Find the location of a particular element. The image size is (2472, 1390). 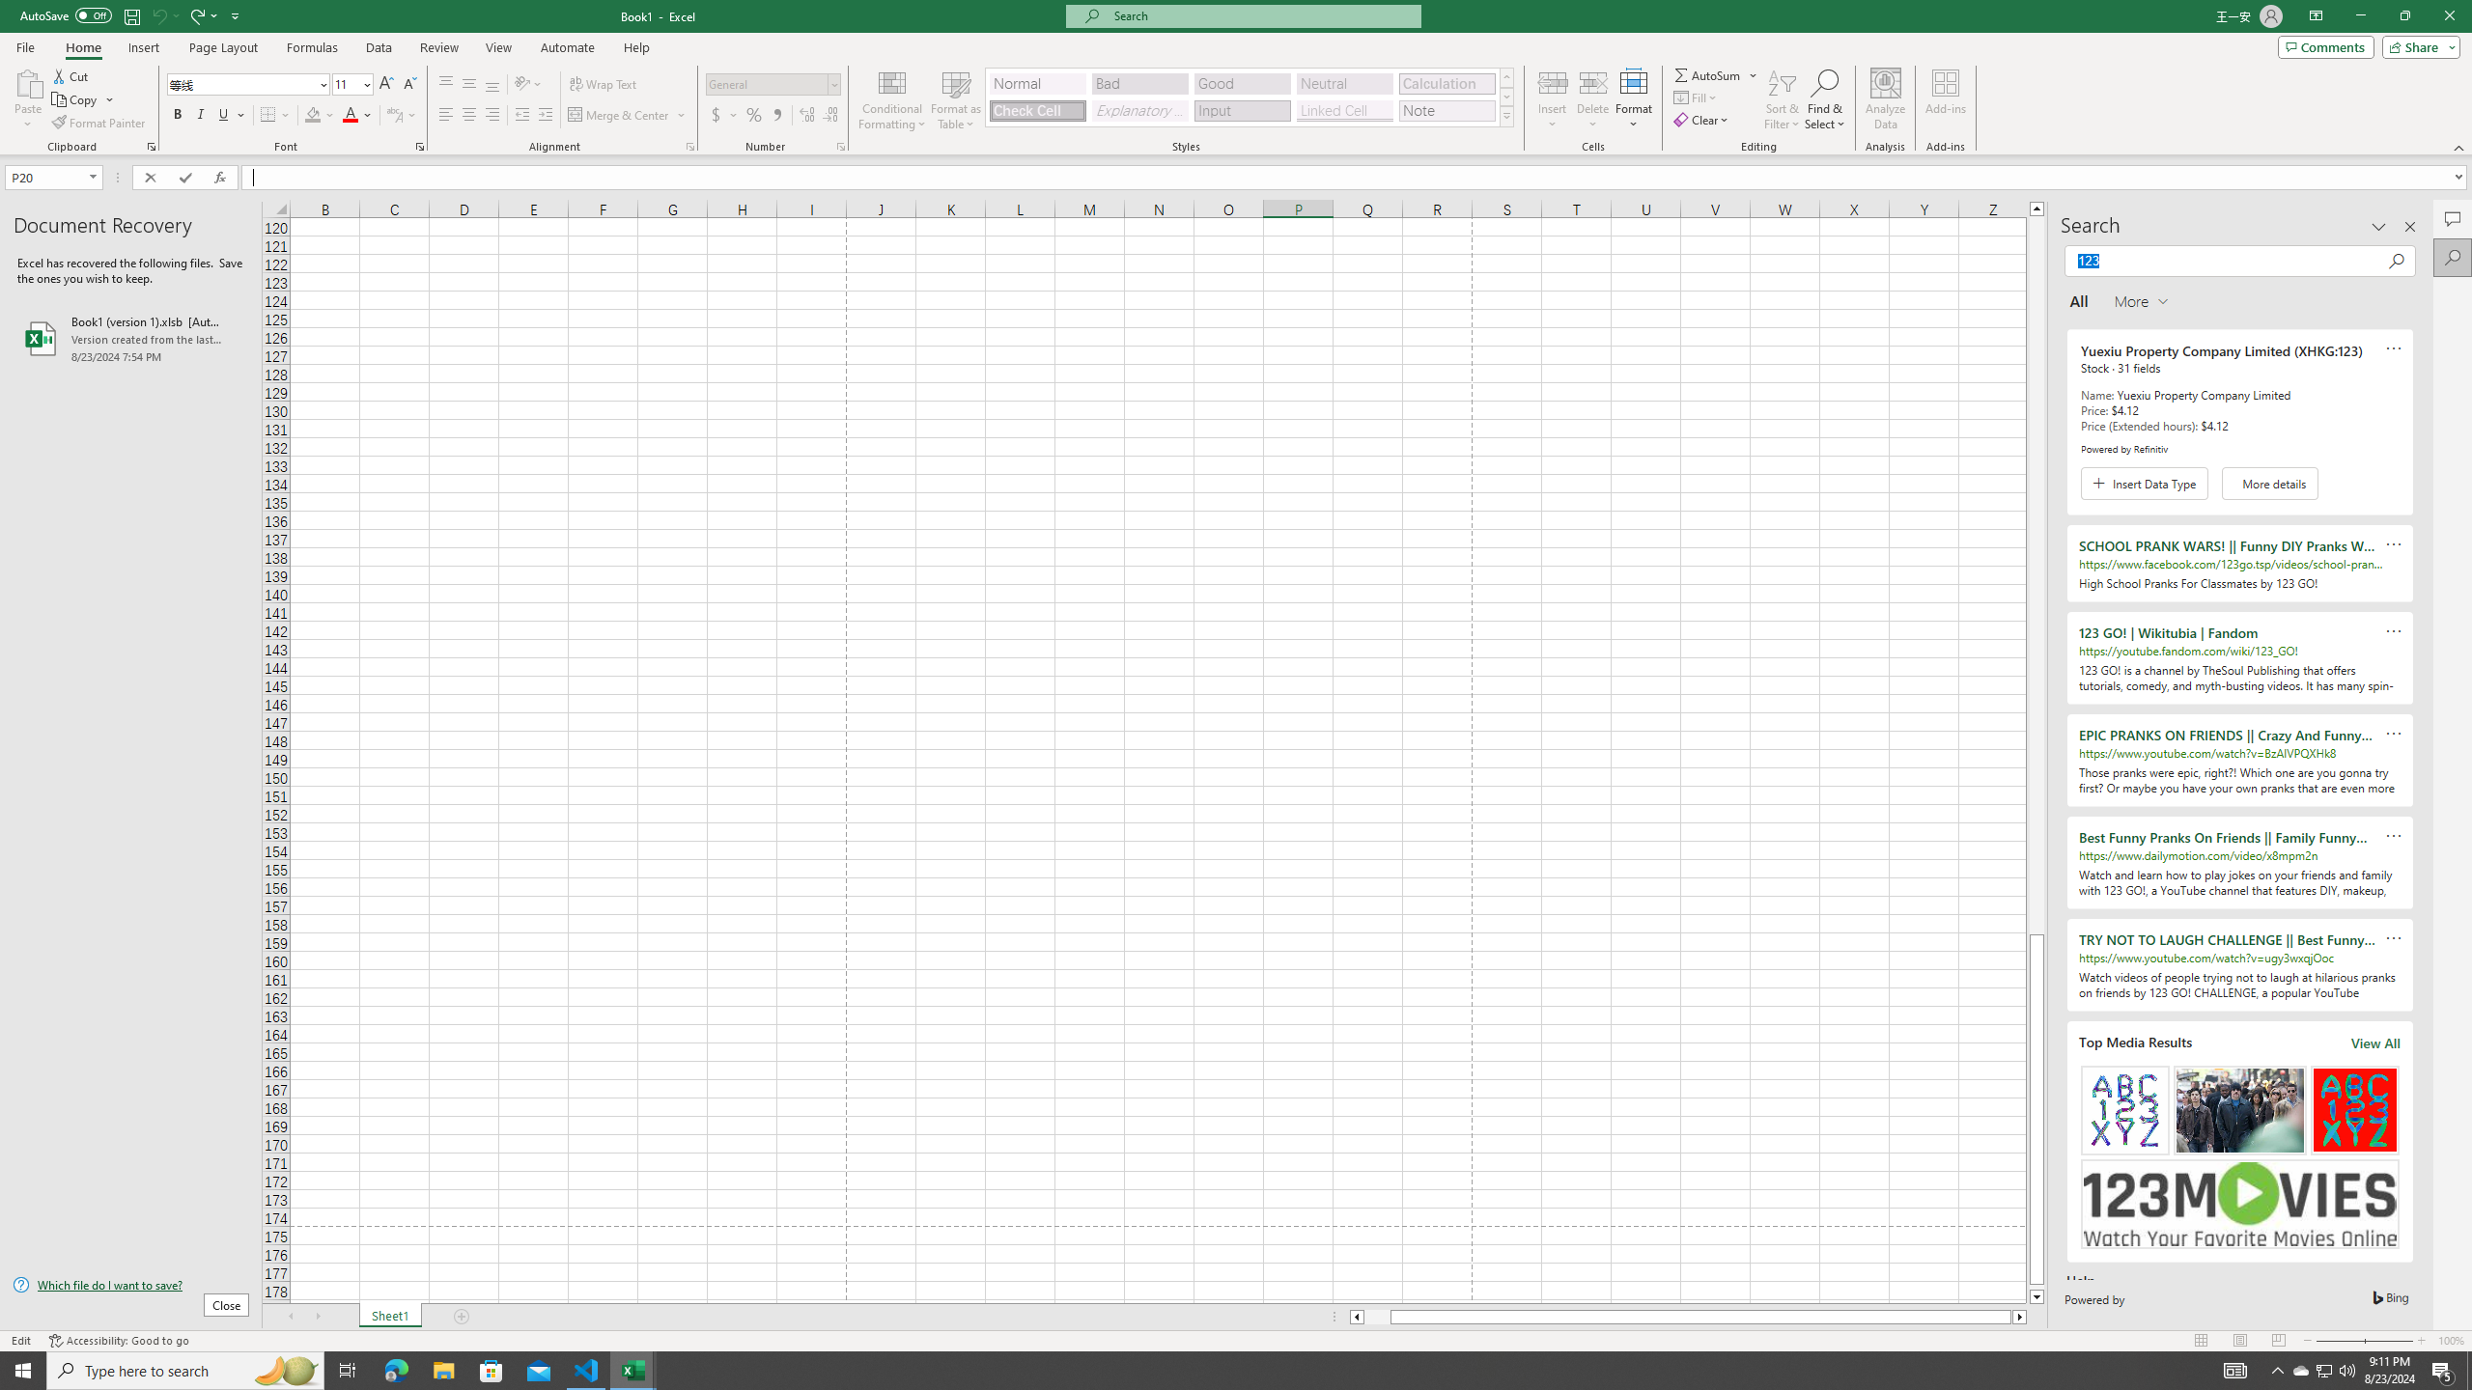

'Show Phonetic Field' is located at coordinates (401, 114).